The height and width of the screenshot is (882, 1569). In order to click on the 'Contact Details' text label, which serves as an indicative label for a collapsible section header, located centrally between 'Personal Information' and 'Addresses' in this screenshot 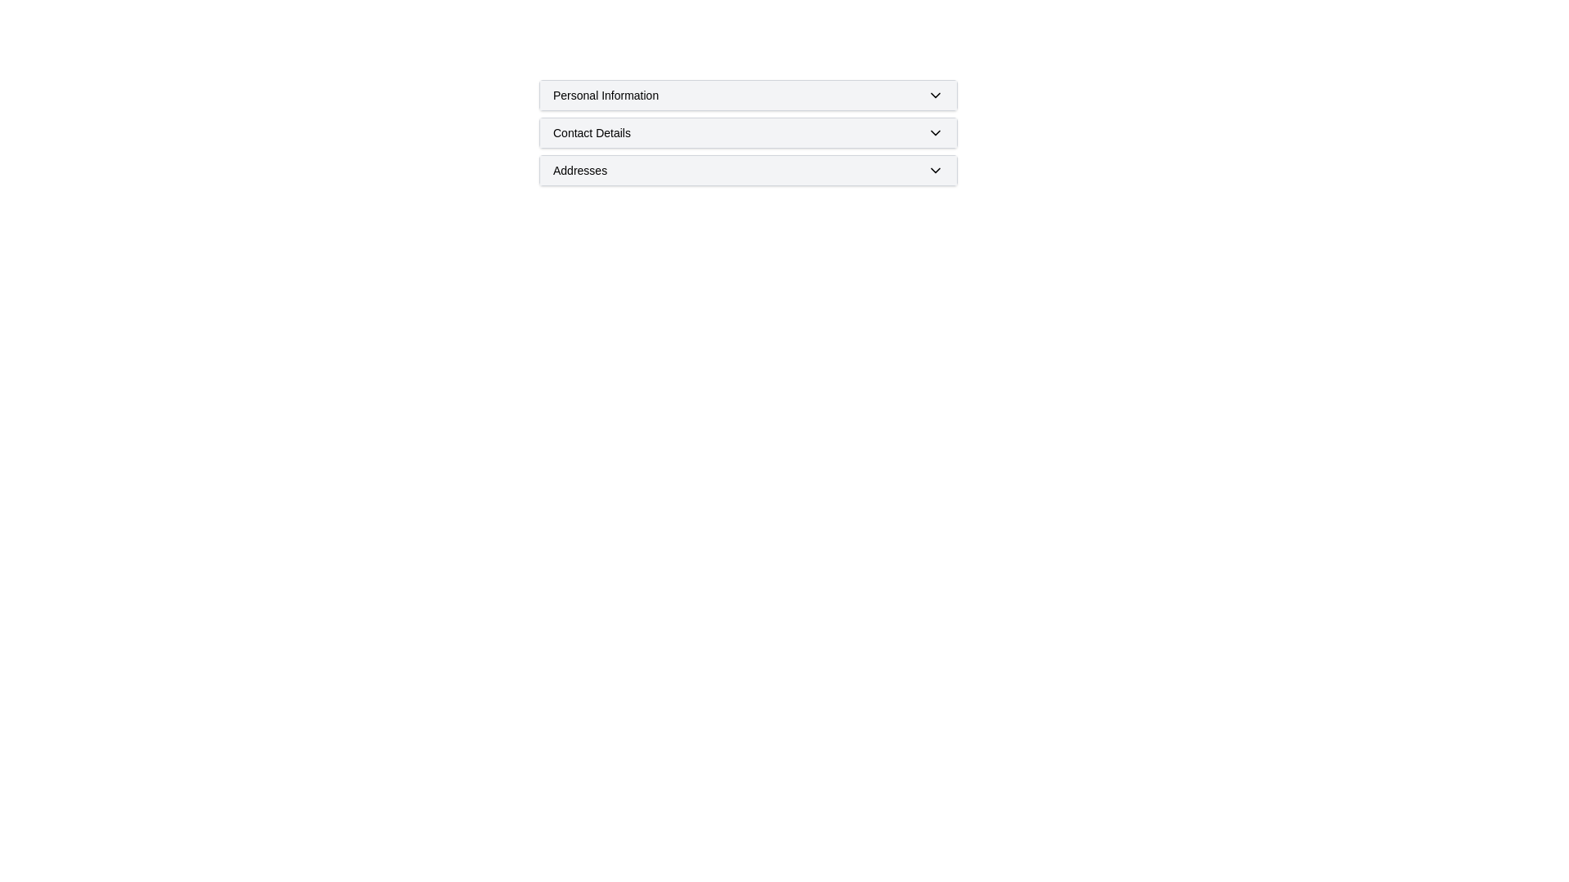, I will do `click(591, 131)`.